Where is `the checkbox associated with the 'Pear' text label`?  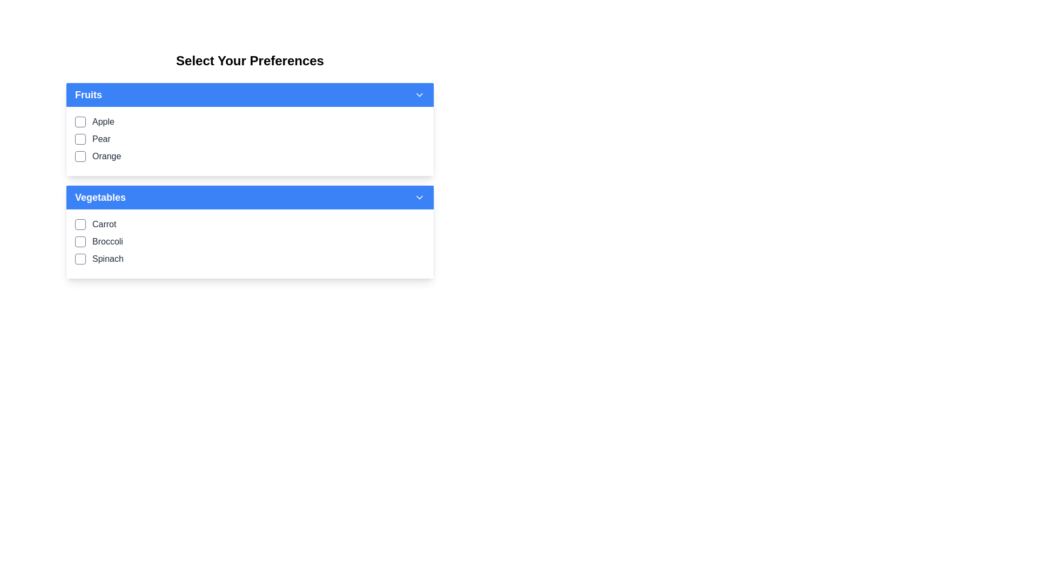
the checkbox associated with the 'Pear' text label is located at coordinates (101, 139).